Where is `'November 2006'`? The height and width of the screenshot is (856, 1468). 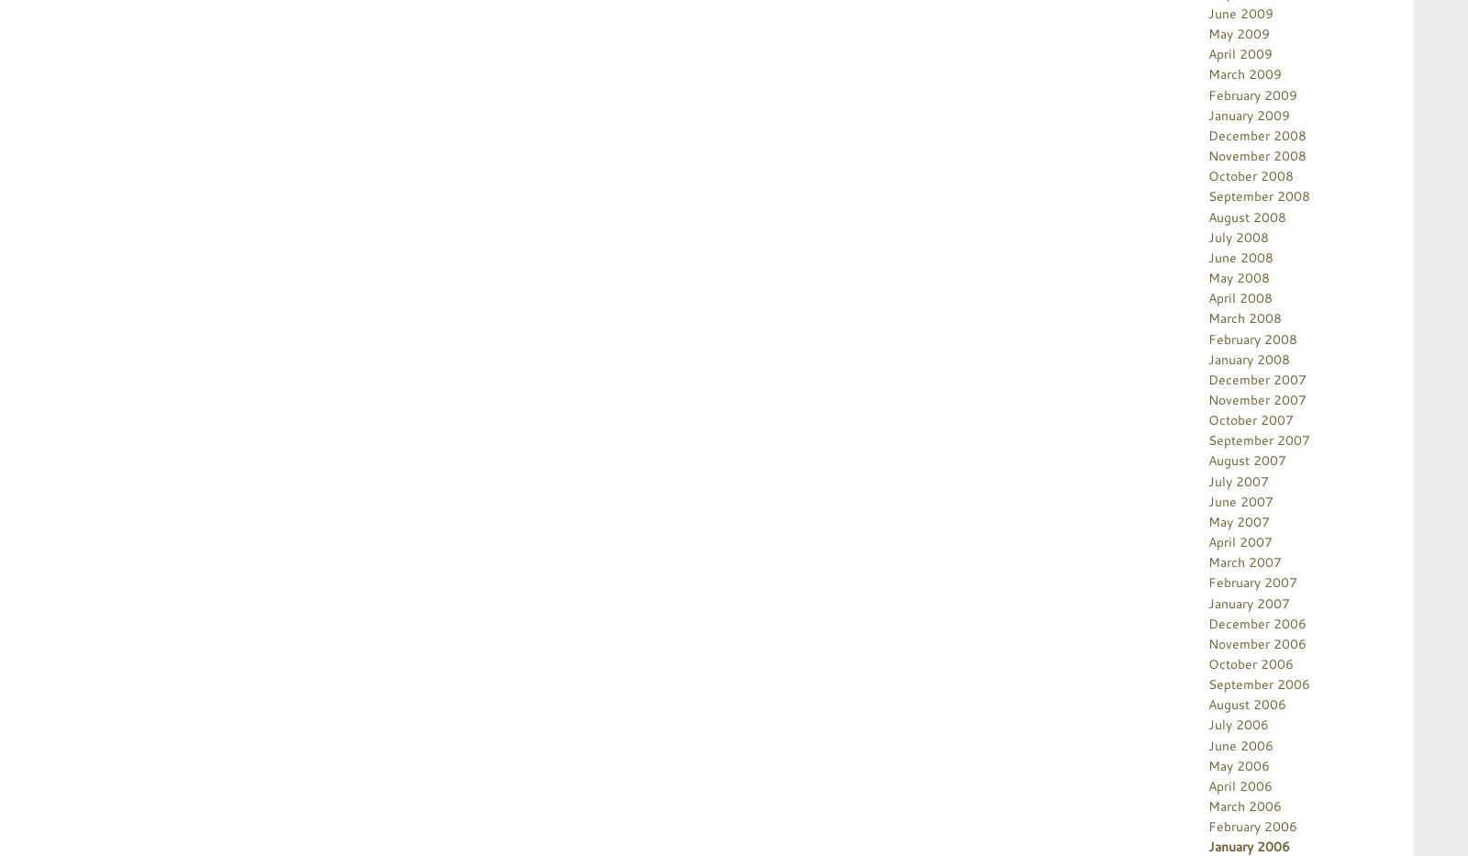
'November 2006' is located at coordinates (1207, 642).